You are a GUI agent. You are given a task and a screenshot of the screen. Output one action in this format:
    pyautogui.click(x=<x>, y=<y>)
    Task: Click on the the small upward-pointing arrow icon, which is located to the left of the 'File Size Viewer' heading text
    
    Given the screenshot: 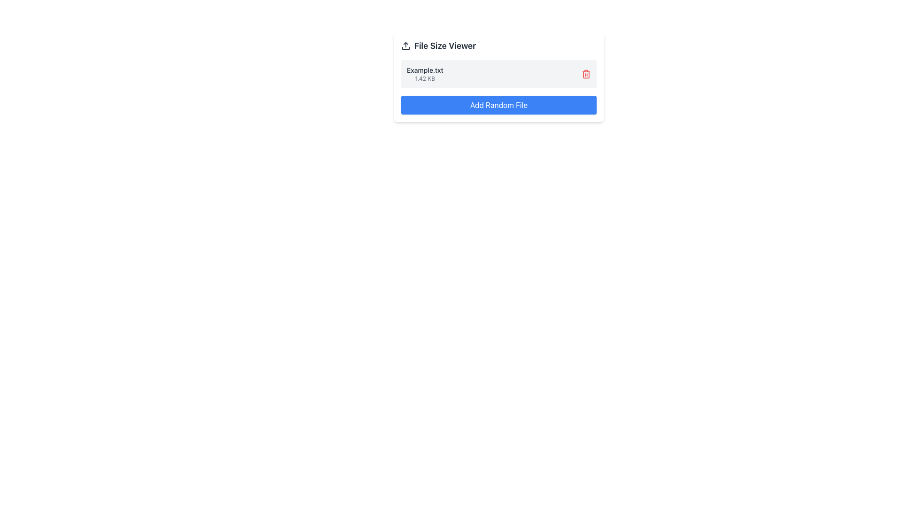 What is the action you would take?
    pyautogui.click(x=406, y=46)
    